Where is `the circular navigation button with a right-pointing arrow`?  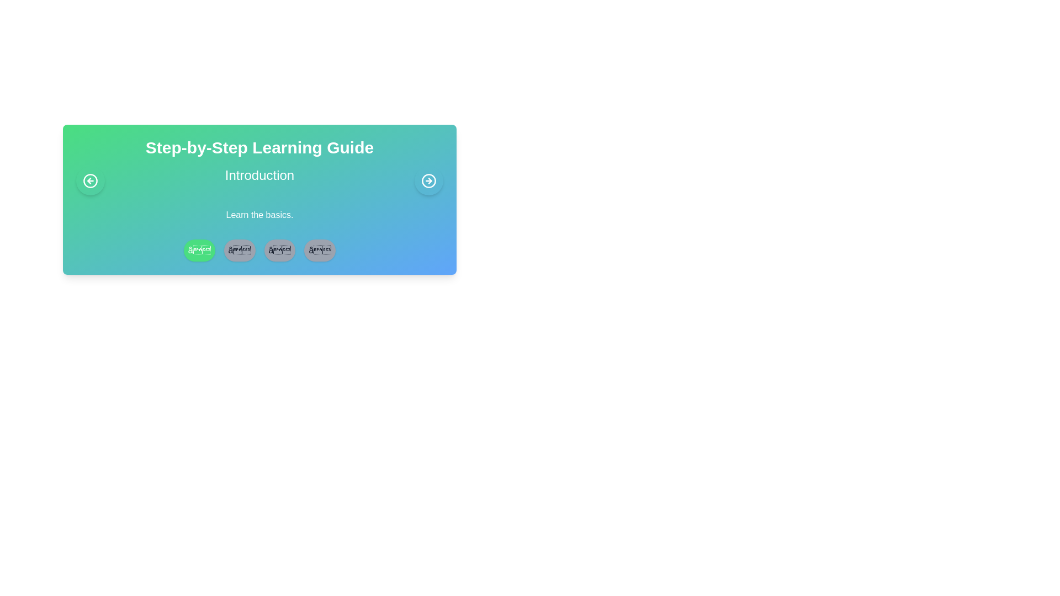
the circular navigation button with a right-pointing arrow is located at coordinates (428, 180).